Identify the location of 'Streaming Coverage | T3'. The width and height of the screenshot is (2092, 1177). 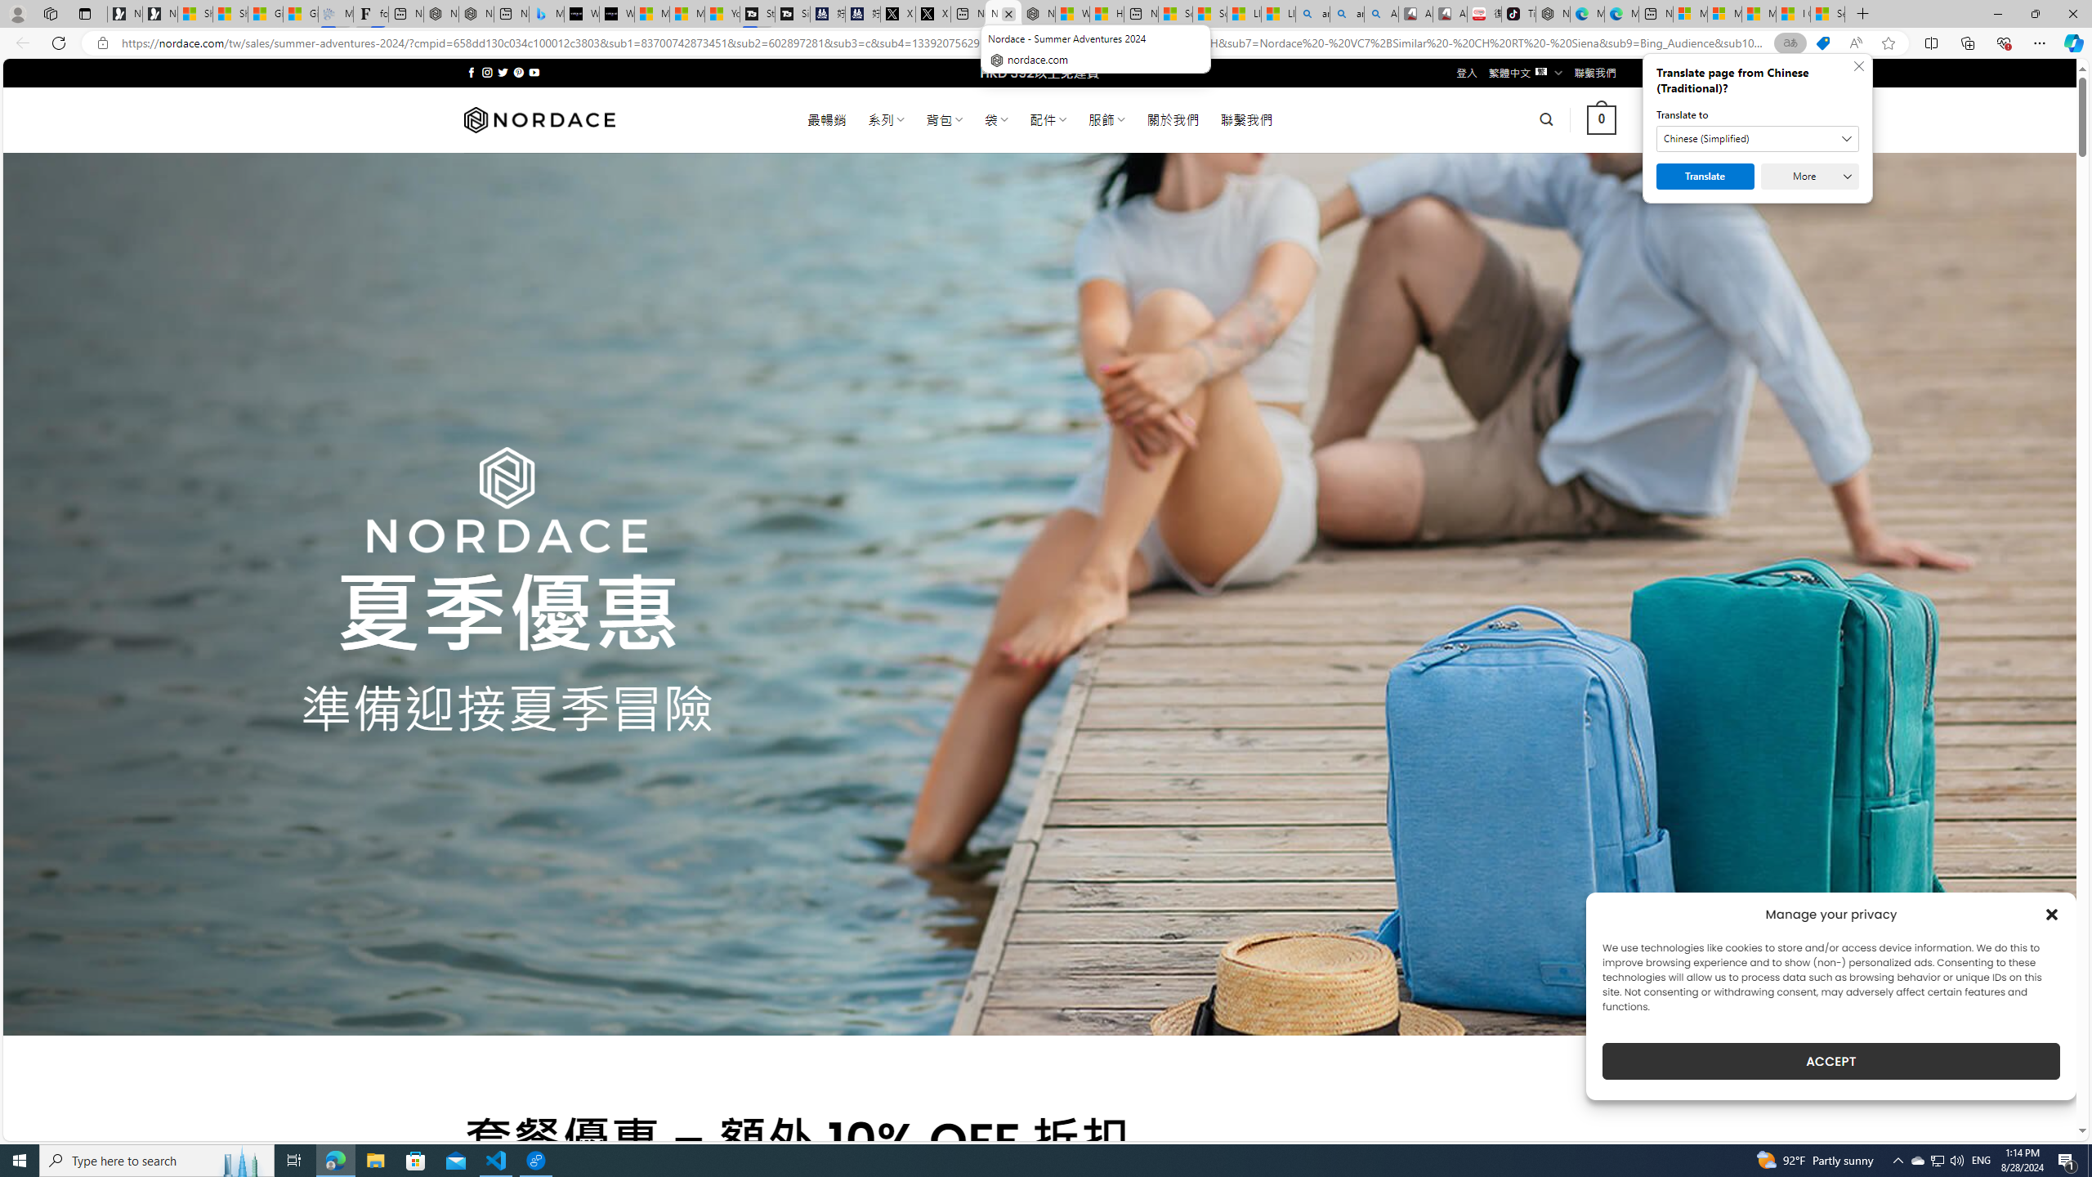
(756, 13).